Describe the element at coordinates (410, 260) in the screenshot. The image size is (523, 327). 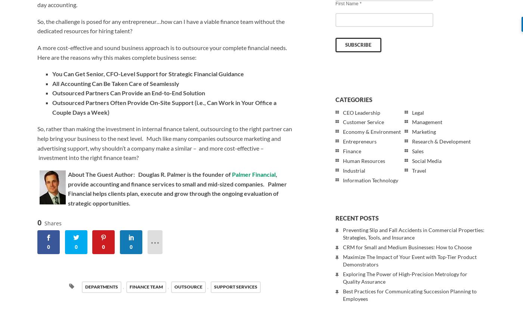
I see `'Maximize The Impact of Your Event with Top-Tier Product Demonstrators'` at that location.